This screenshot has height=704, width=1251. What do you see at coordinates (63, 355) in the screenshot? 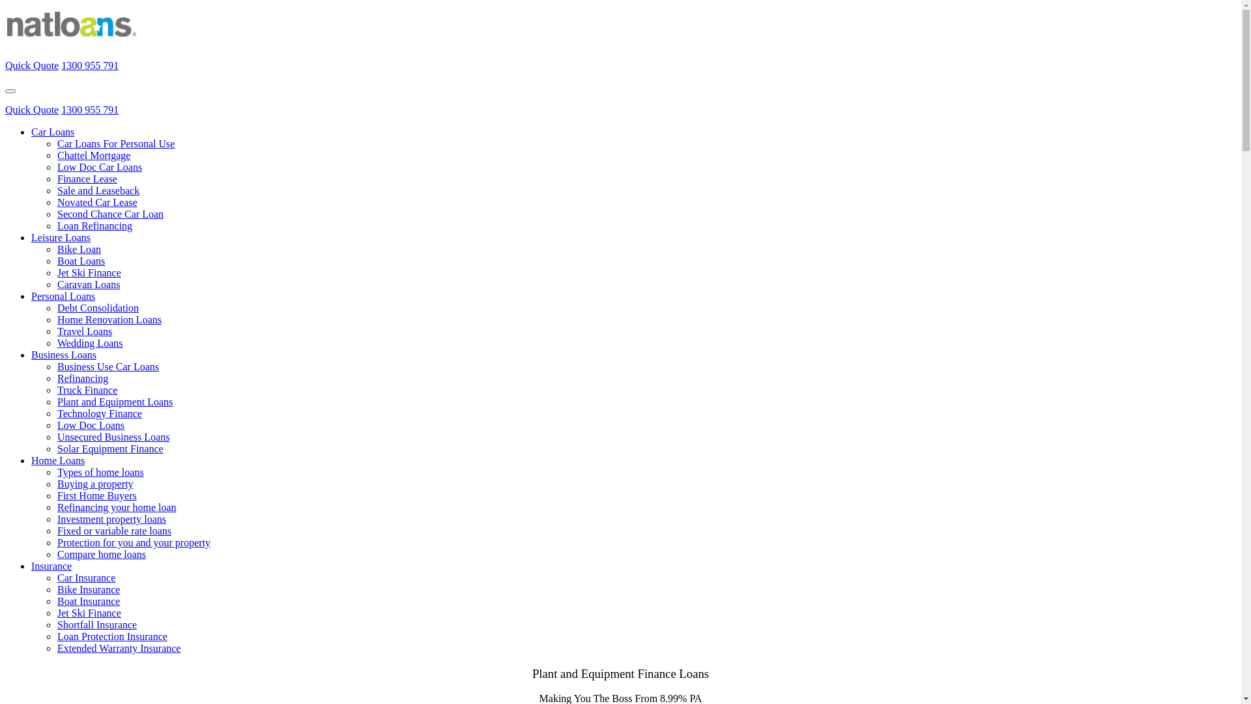
I see `'Business Loans'` at bounding box center [63, 355].